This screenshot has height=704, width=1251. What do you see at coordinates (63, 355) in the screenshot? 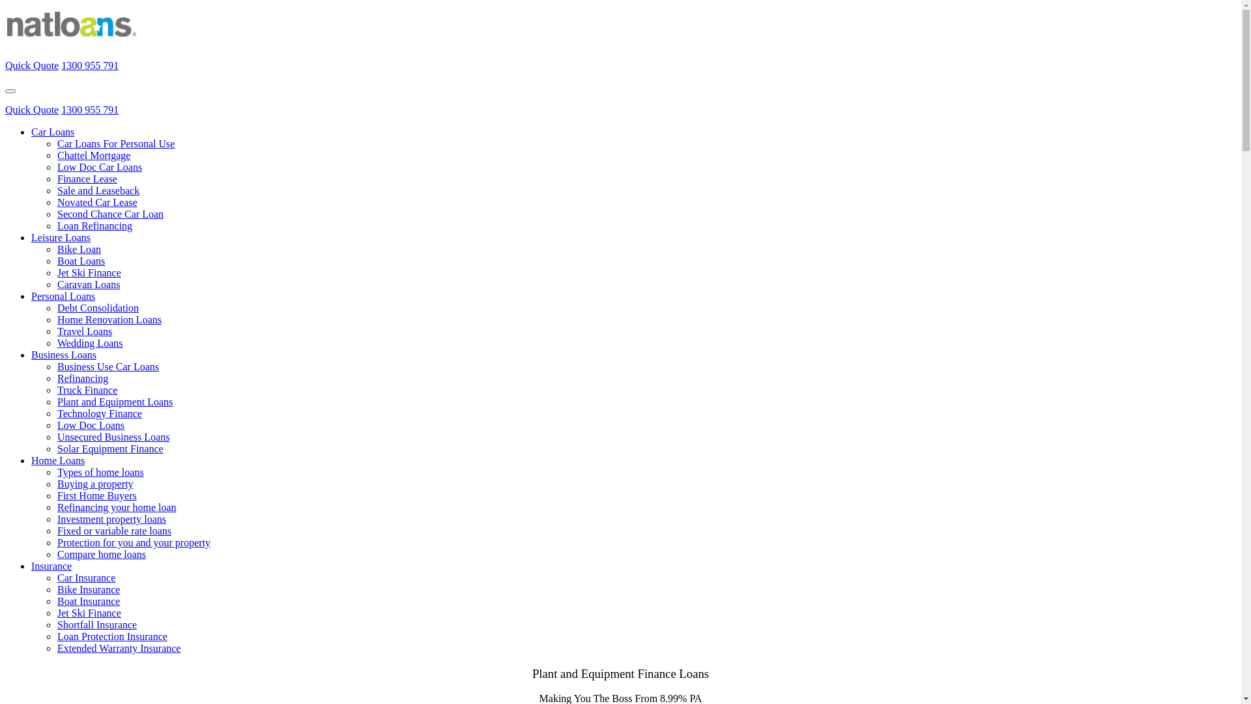
I see `'Business Loans'` at bounding box center [63, 355].